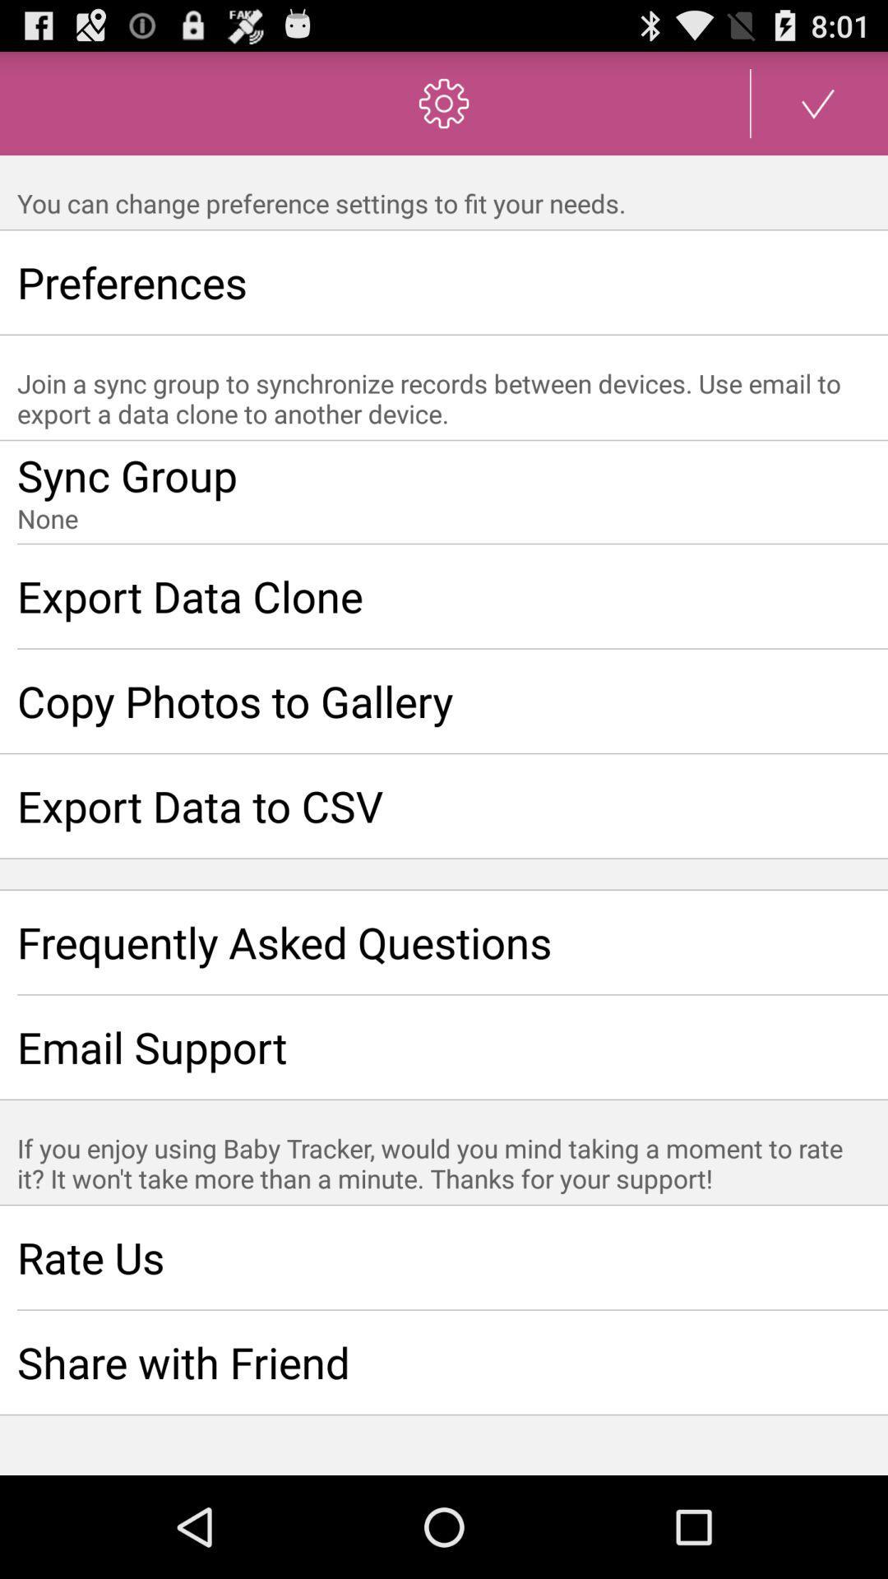 The width and height of the screenshot is (888, 1579). I want to click on settings, so click(818, 102).